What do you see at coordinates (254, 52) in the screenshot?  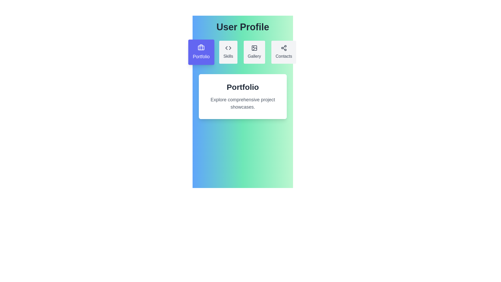 I see `the tab labeled Gallery to switch the active content` at bounding box center [254, 52].